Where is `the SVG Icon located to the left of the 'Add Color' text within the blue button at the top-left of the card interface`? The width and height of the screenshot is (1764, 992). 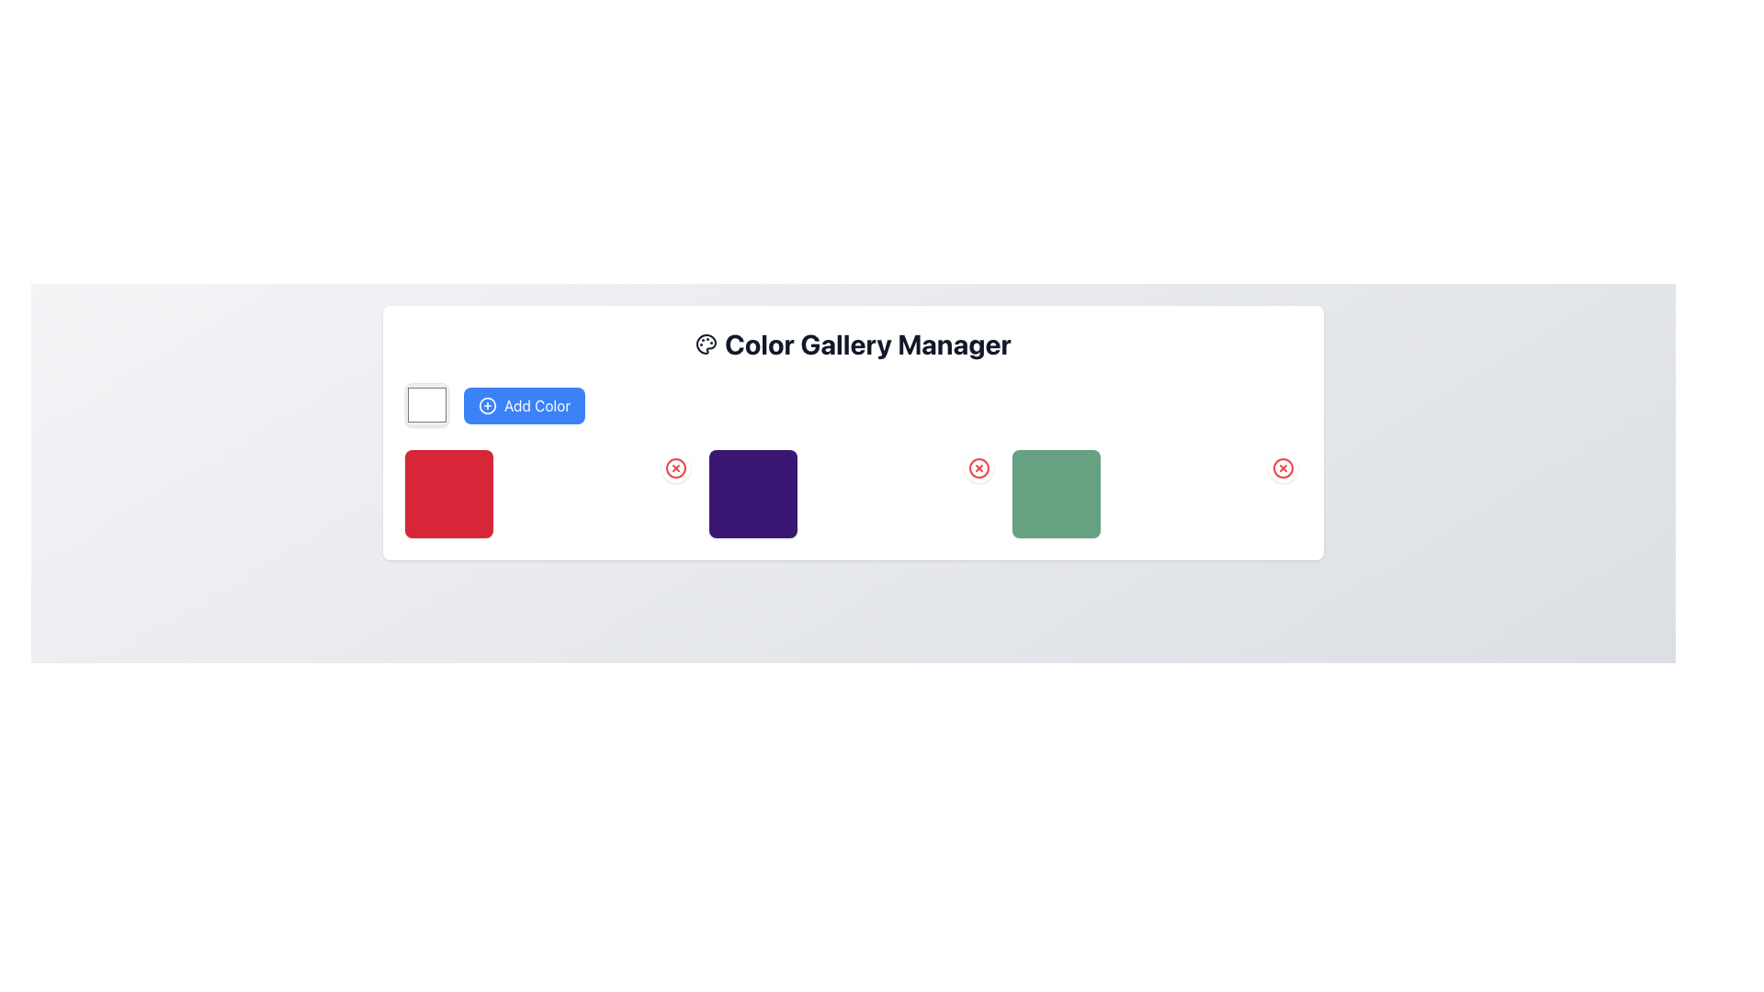
the SVG Icon located to the left of the 'Add Color' text within the blue button at the top-left of the card interface is located at coordinates (488, 404).